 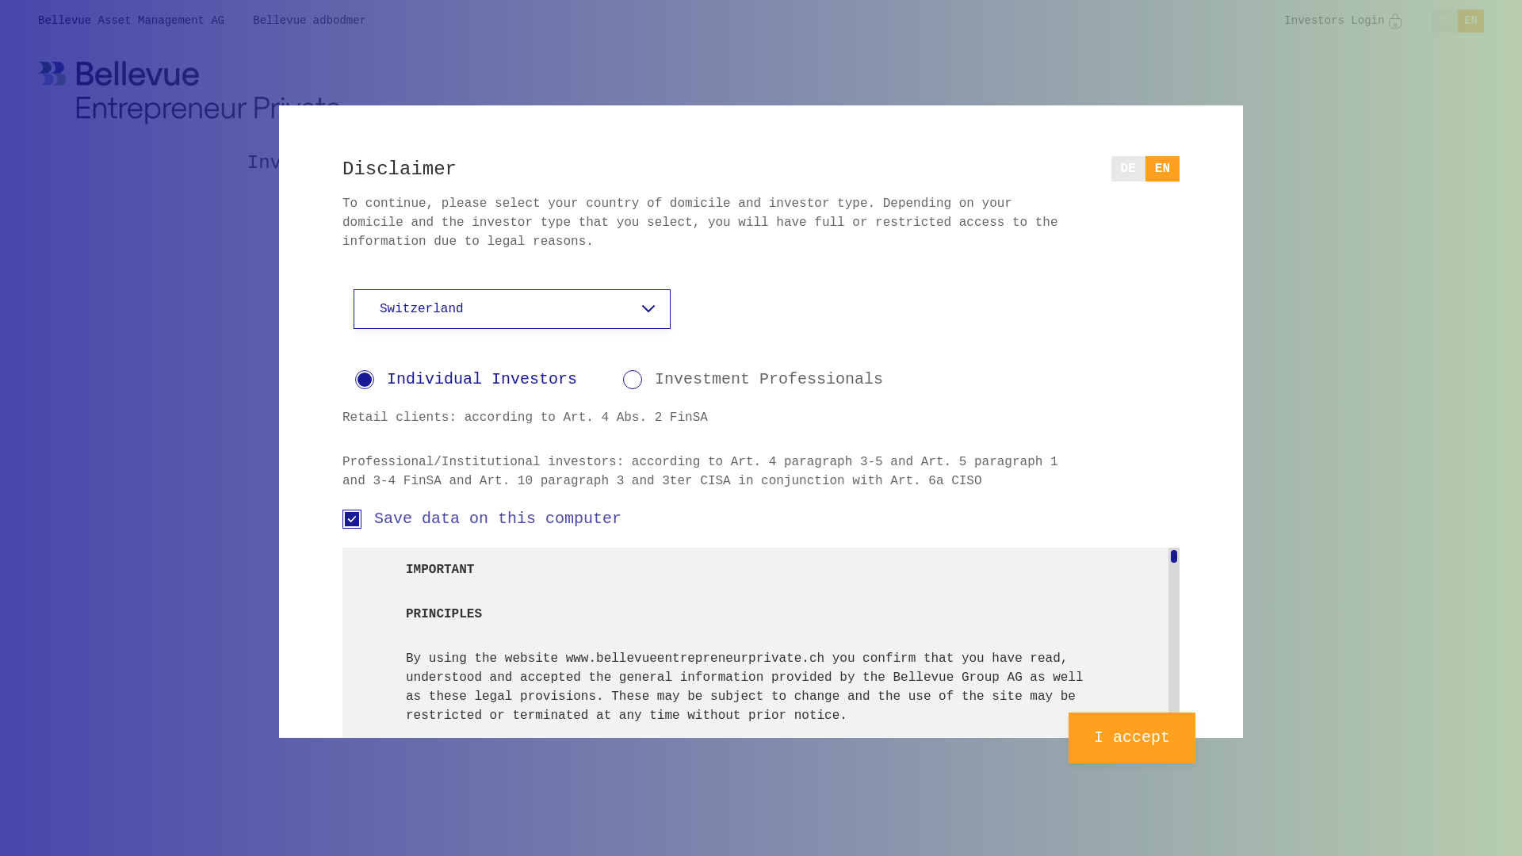 What do you see at coordinates (844, 162) in the screenshot?
I see `'About us'` at bounding box center [844, 162].